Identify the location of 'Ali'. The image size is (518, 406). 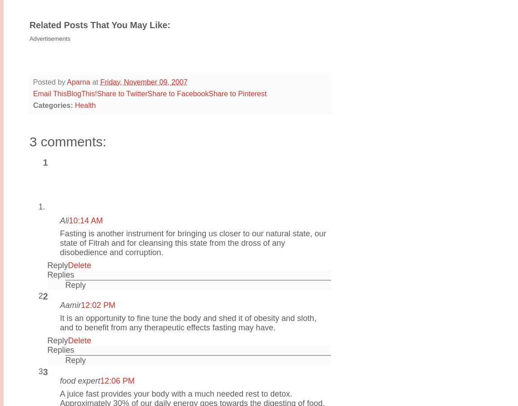
(64, 220).